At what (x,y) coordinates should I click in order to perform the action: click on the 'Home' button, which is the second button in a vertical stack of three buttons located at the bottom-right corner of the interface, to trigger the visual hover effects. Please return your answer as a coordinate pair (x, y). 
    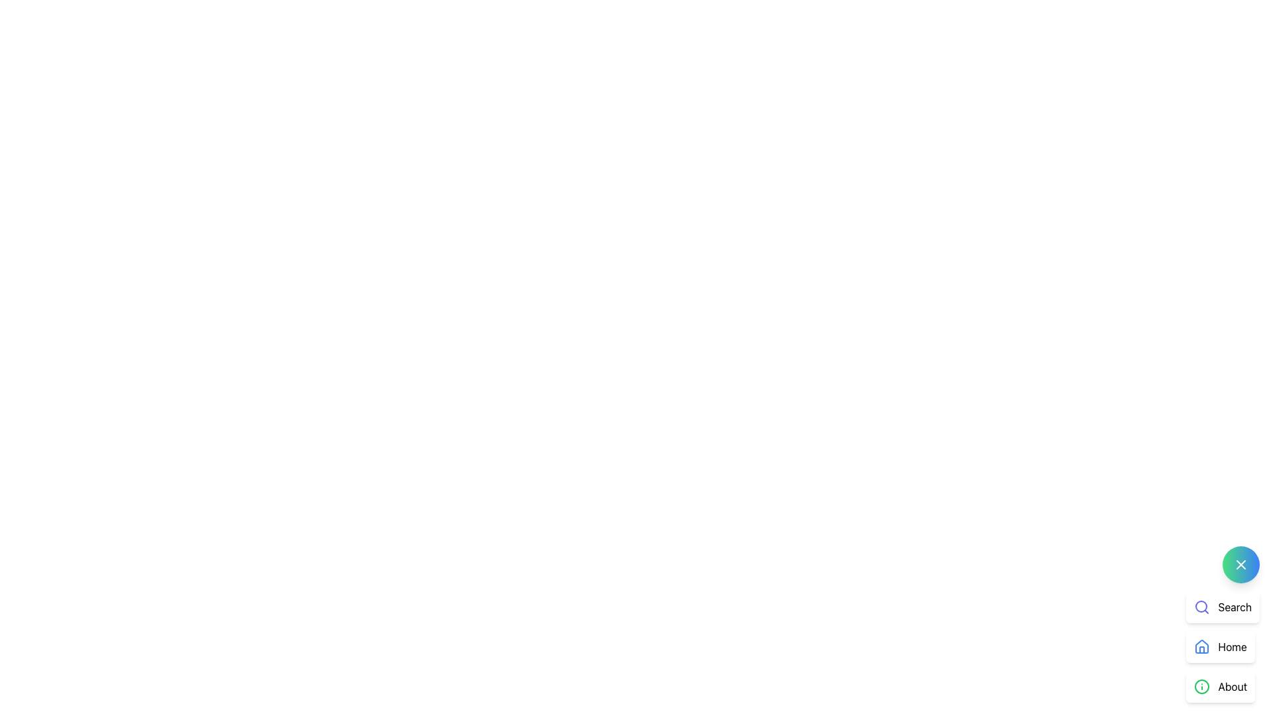
    Looking at the image, I should click on (1220, 646).